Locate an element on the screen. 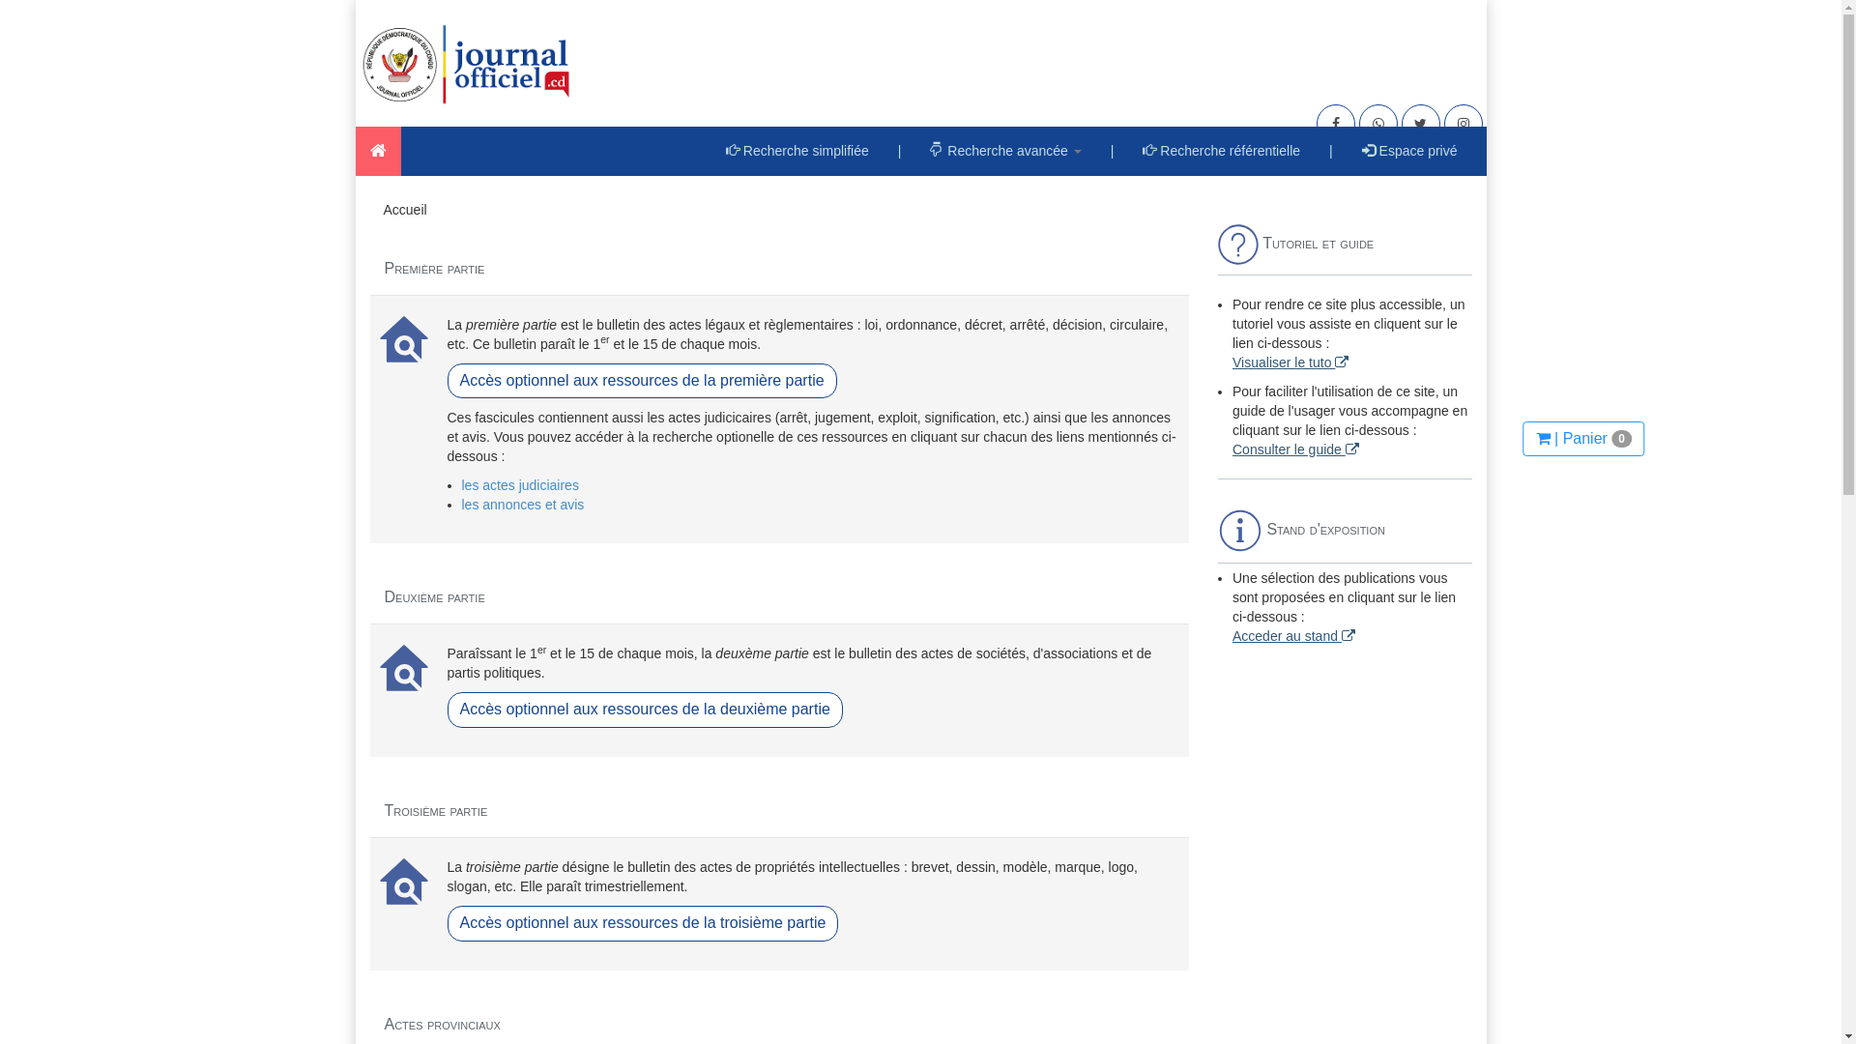 Image resolution: width=1856 pixels, height=1044 pixels. 'les annonces et avis' is located at coordinates (461, 503).